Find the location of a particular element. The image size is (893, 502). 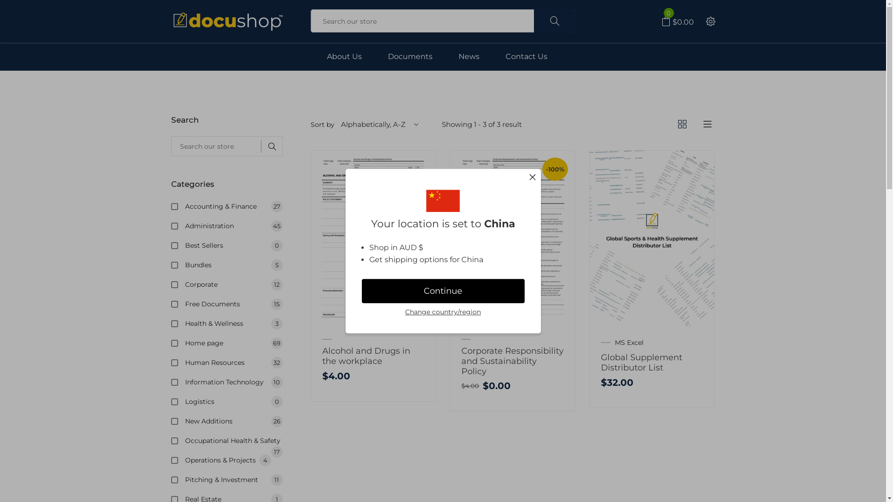

'Documents' is located at coordinates (410, 57).